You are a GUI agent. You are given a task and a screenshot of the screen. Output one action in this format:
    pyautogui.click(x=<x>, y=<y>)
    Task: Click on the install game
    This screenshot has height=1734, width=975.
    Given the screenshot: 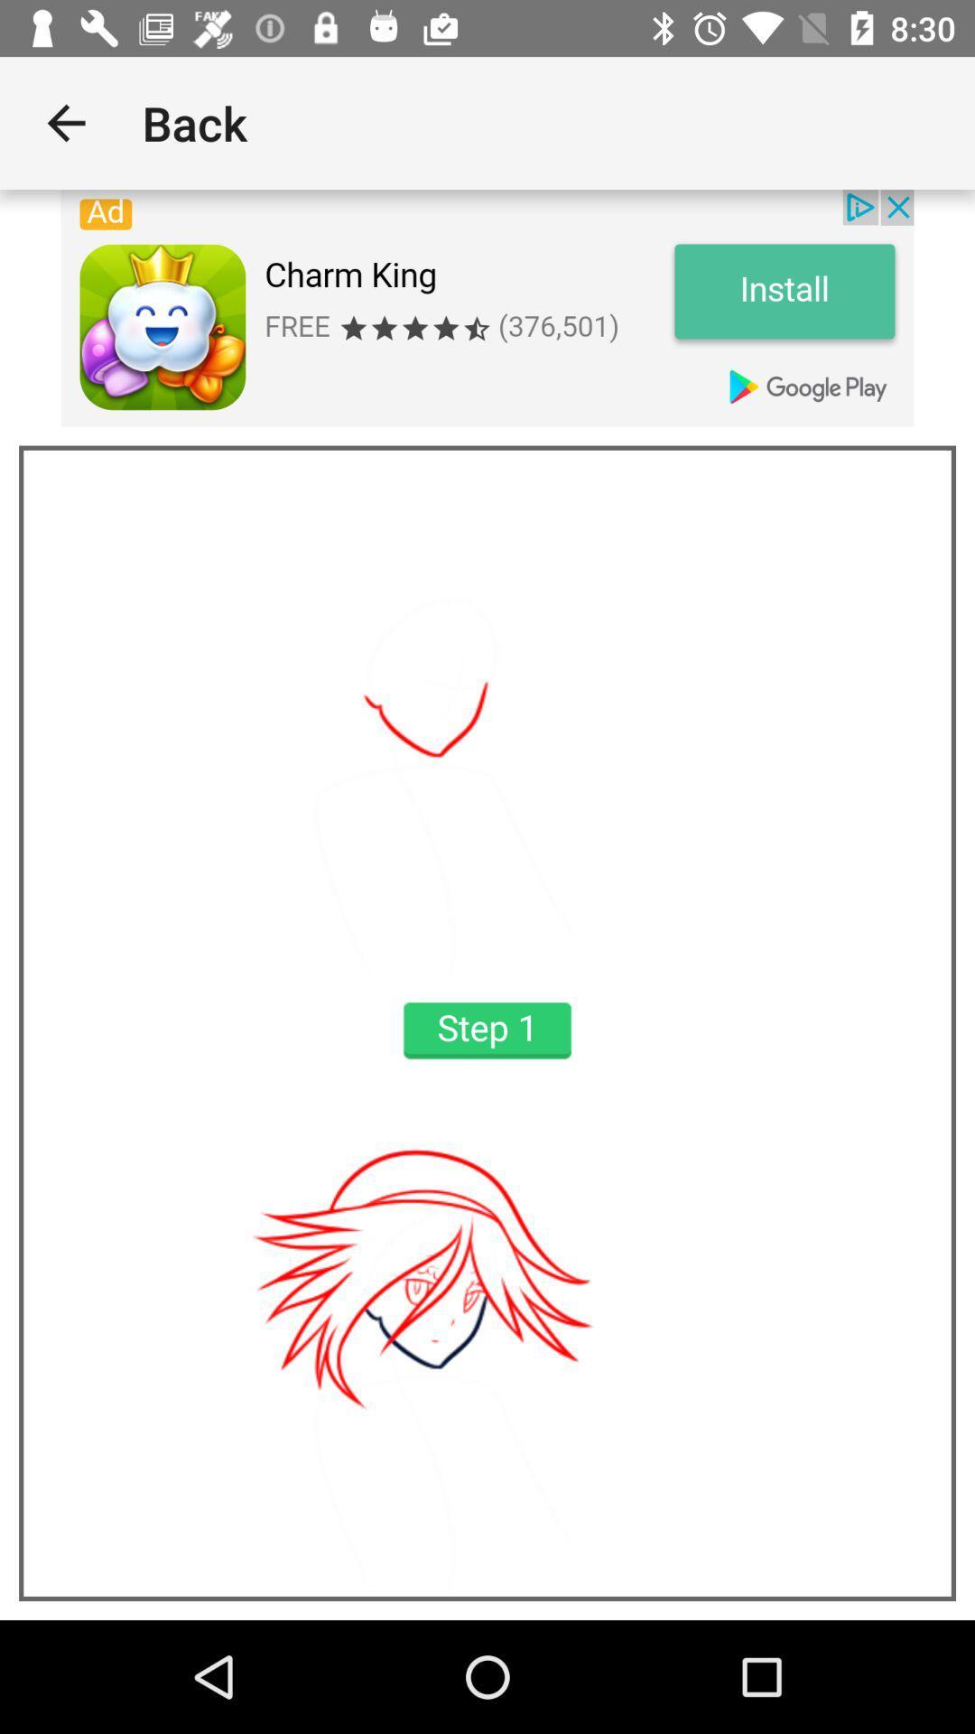 What is the action you would take?
    pyautogui.click(x=487, y=308)
    